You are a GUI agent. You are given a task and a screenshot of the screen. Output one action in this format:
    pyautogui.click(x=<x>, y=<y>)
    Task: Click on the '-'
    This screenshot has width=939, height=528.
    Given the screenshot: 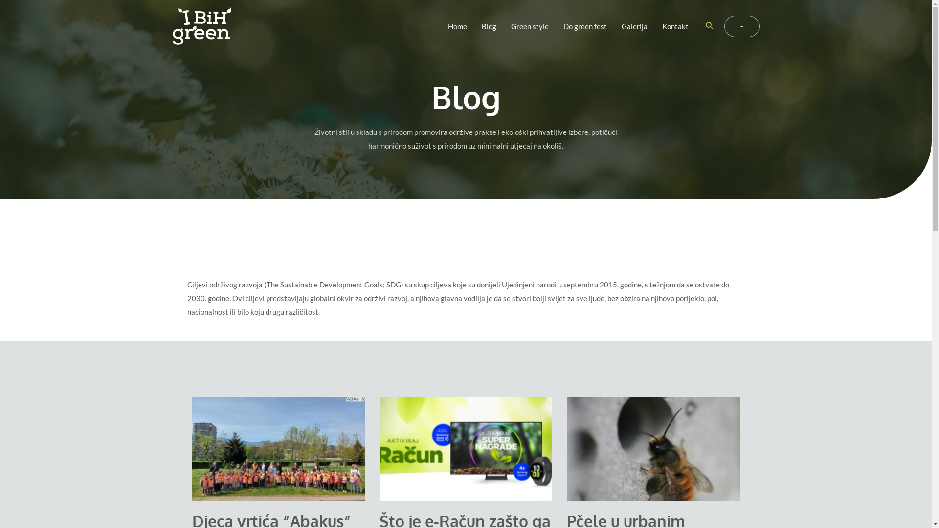 What is the action you would take?
    pyautogui.click(x=724, y=26)
    